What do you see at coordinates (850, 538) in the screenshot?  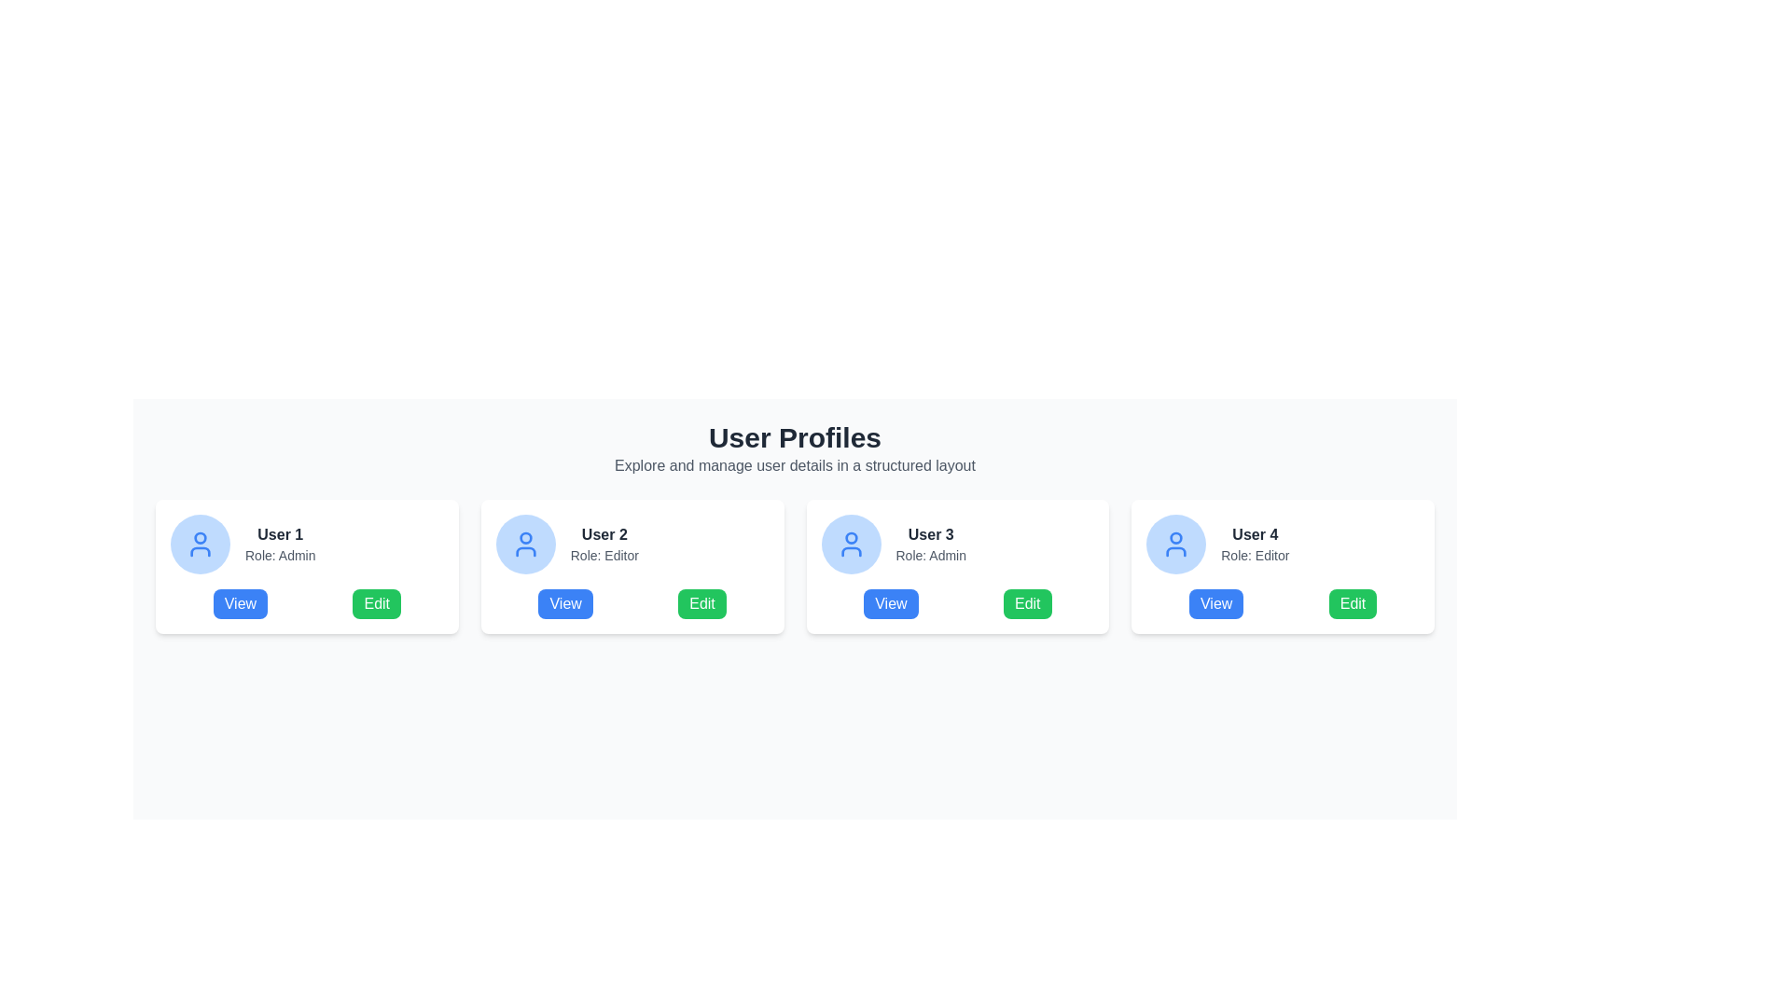 I see `the blue circular graphical shape representing the head section of the abstract user outline for 'User 3' in the profile card layout` at bounding box center [850, 538].